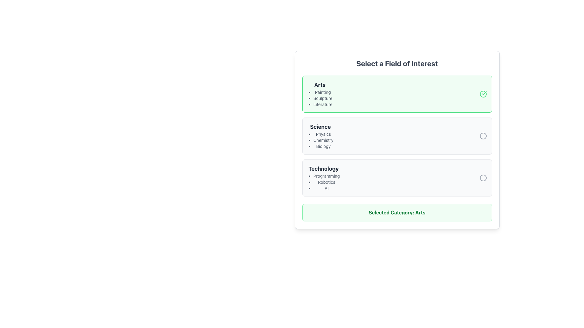 This screenshot has height=328, width=584. What do you see at coordinates (322, 98) in the screenshot?
I see `the text label displaying 'Sculpture', which is the second item in the 'Arts' section of a bulleted list` at bounding box center [322, 98].